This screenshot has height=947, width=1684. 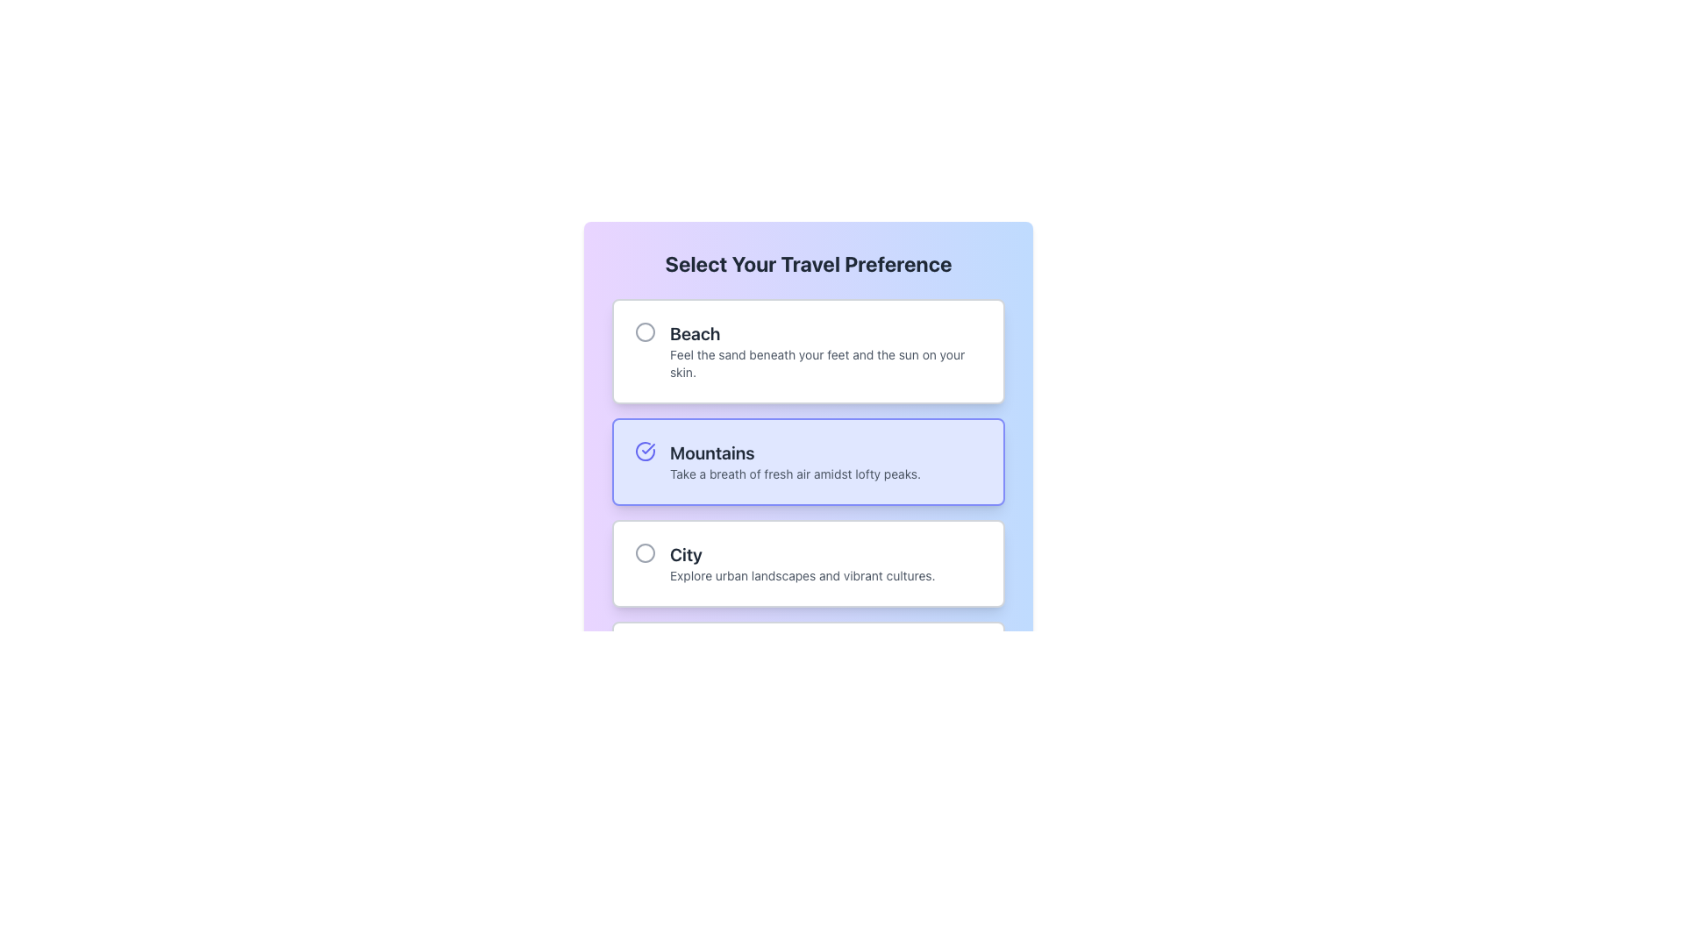 What do you see at coordinates (802, 564) in the screenshot?
I see `the descriptive text block for the 'City' travel option, located under the header 'Select Your Travel Preference' as part of a selectable component` at bounding box center [802, 564].